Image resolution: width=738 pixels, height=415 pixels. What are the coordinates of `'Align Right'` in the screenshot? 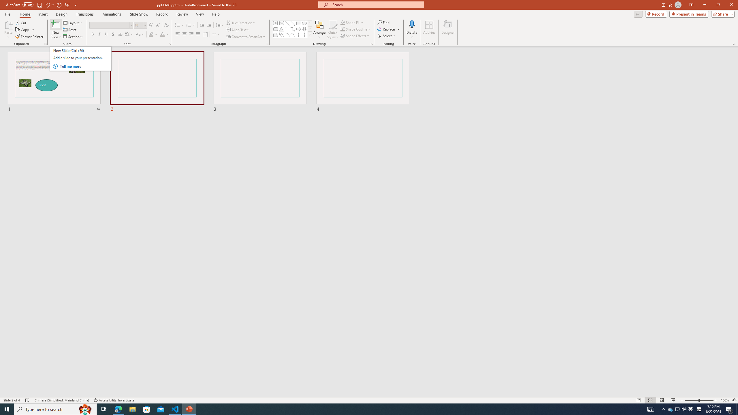 It's located at (191, 34).